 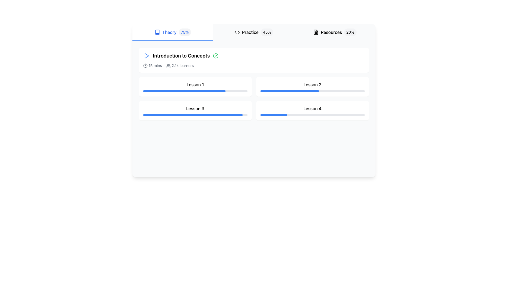 What do you see at coordinates (312, 87) in the screenshot?
I see `lesson label 'Lesson 2' from the card featuring a blue progress bar, located in the upper-right quadrant of the grid layout` at bounding box center [312, 87].